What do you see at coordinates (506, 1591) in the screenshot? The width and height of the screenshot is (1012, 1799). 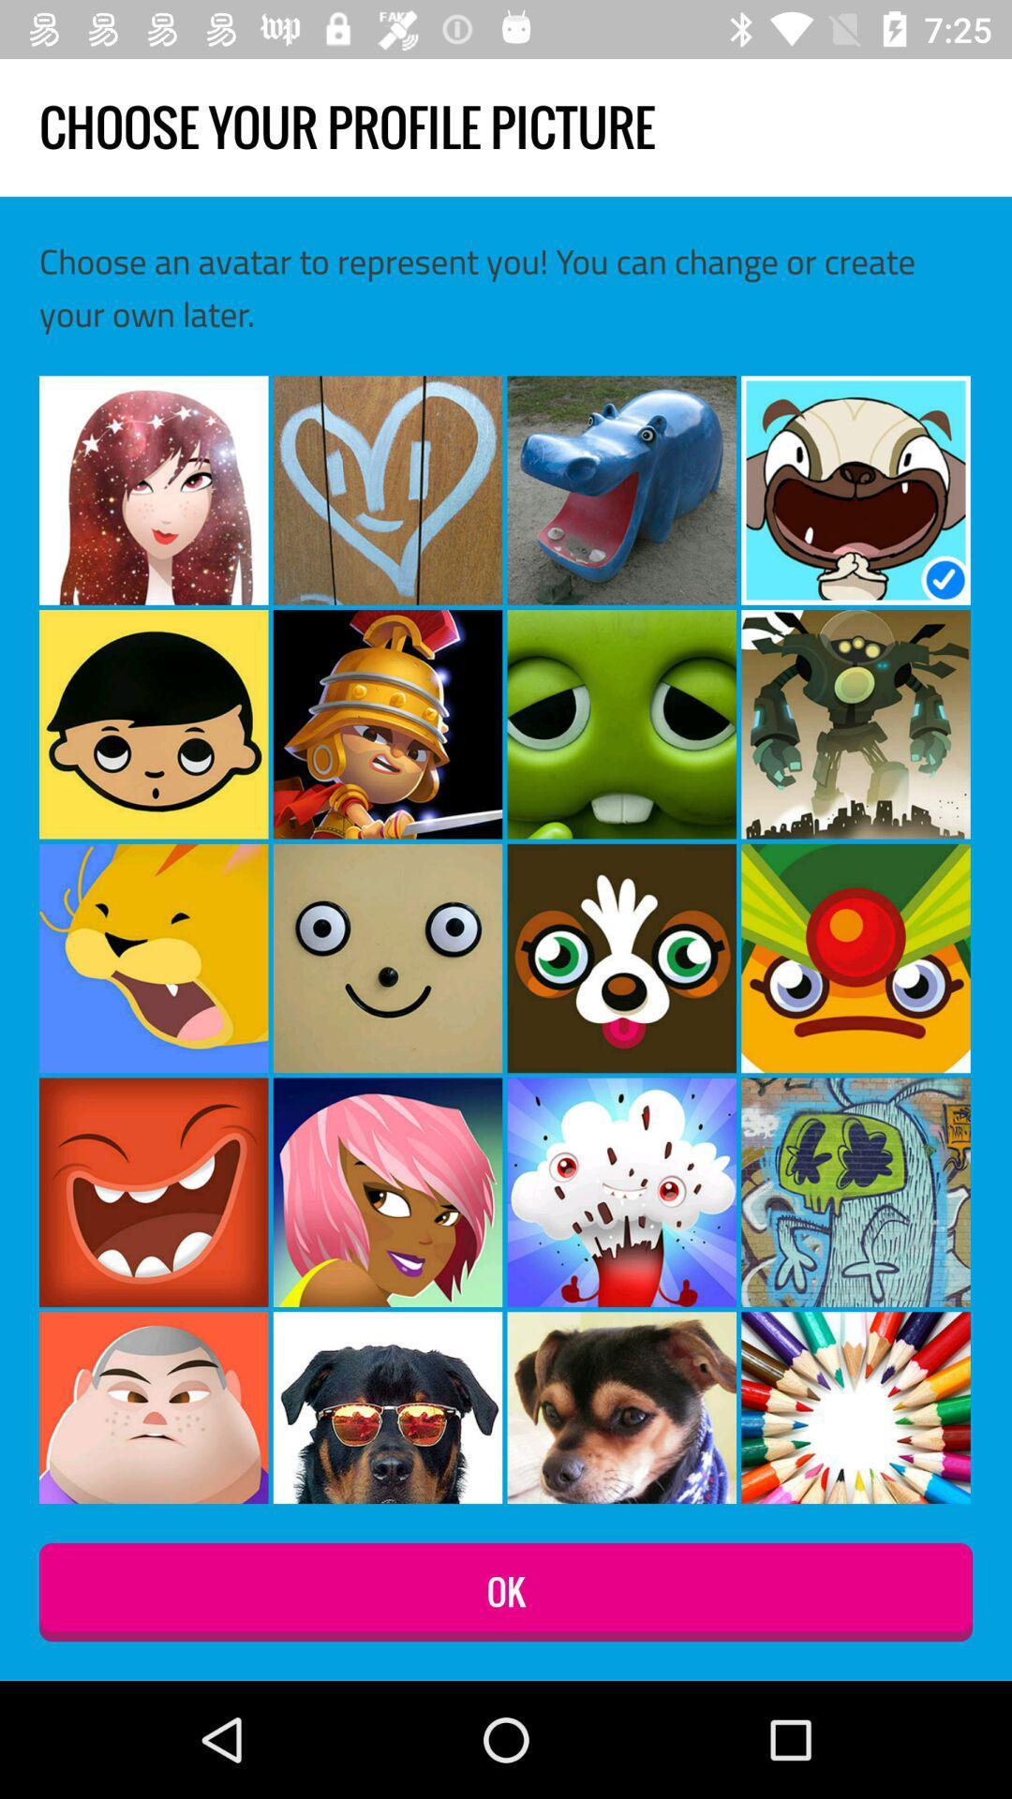 I see `ok` at bounding box center [506, 1591].